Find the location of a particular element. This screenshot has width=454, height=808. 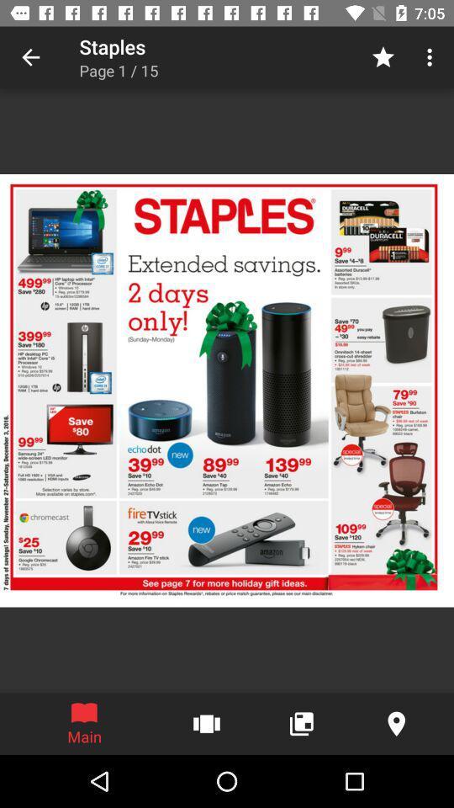

the icon to the left of staples icon is located at coordinates (30, 57).